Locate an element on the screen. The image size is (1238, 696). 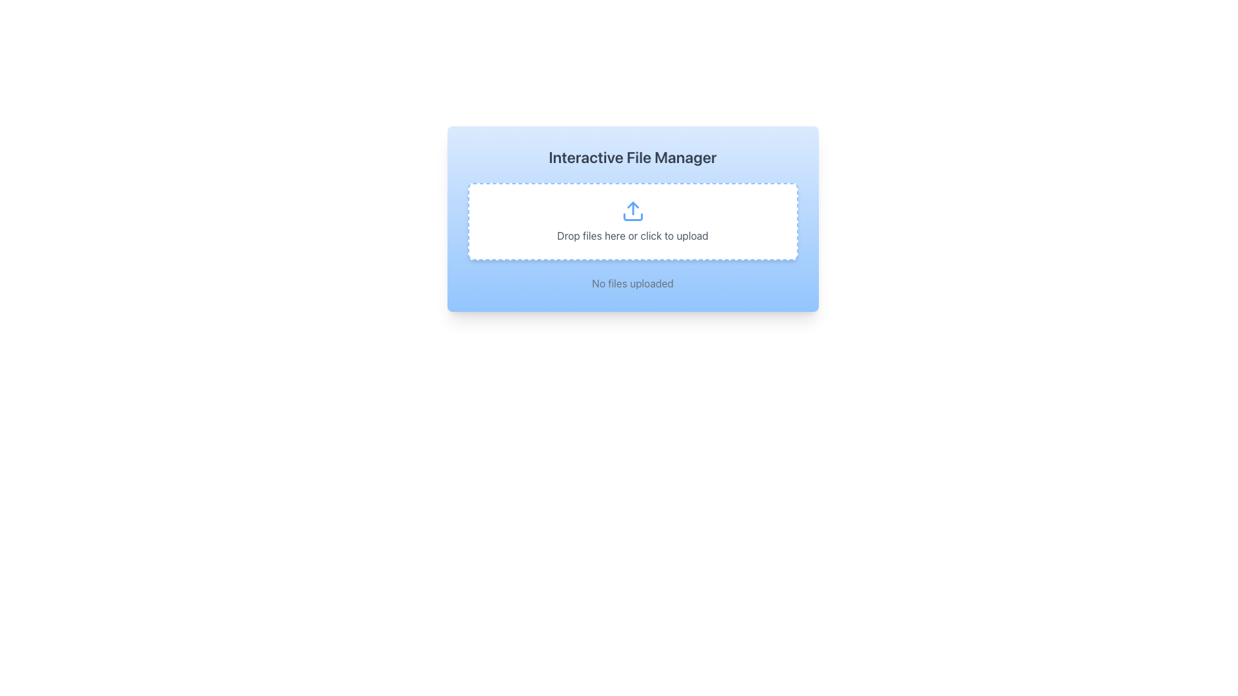
the rectangular shape at the base of the upward-pointing arrow icon in the file upload section, which is visually centered above the text 'Drop files here or click to upload' is located at coordinates (633, 216).